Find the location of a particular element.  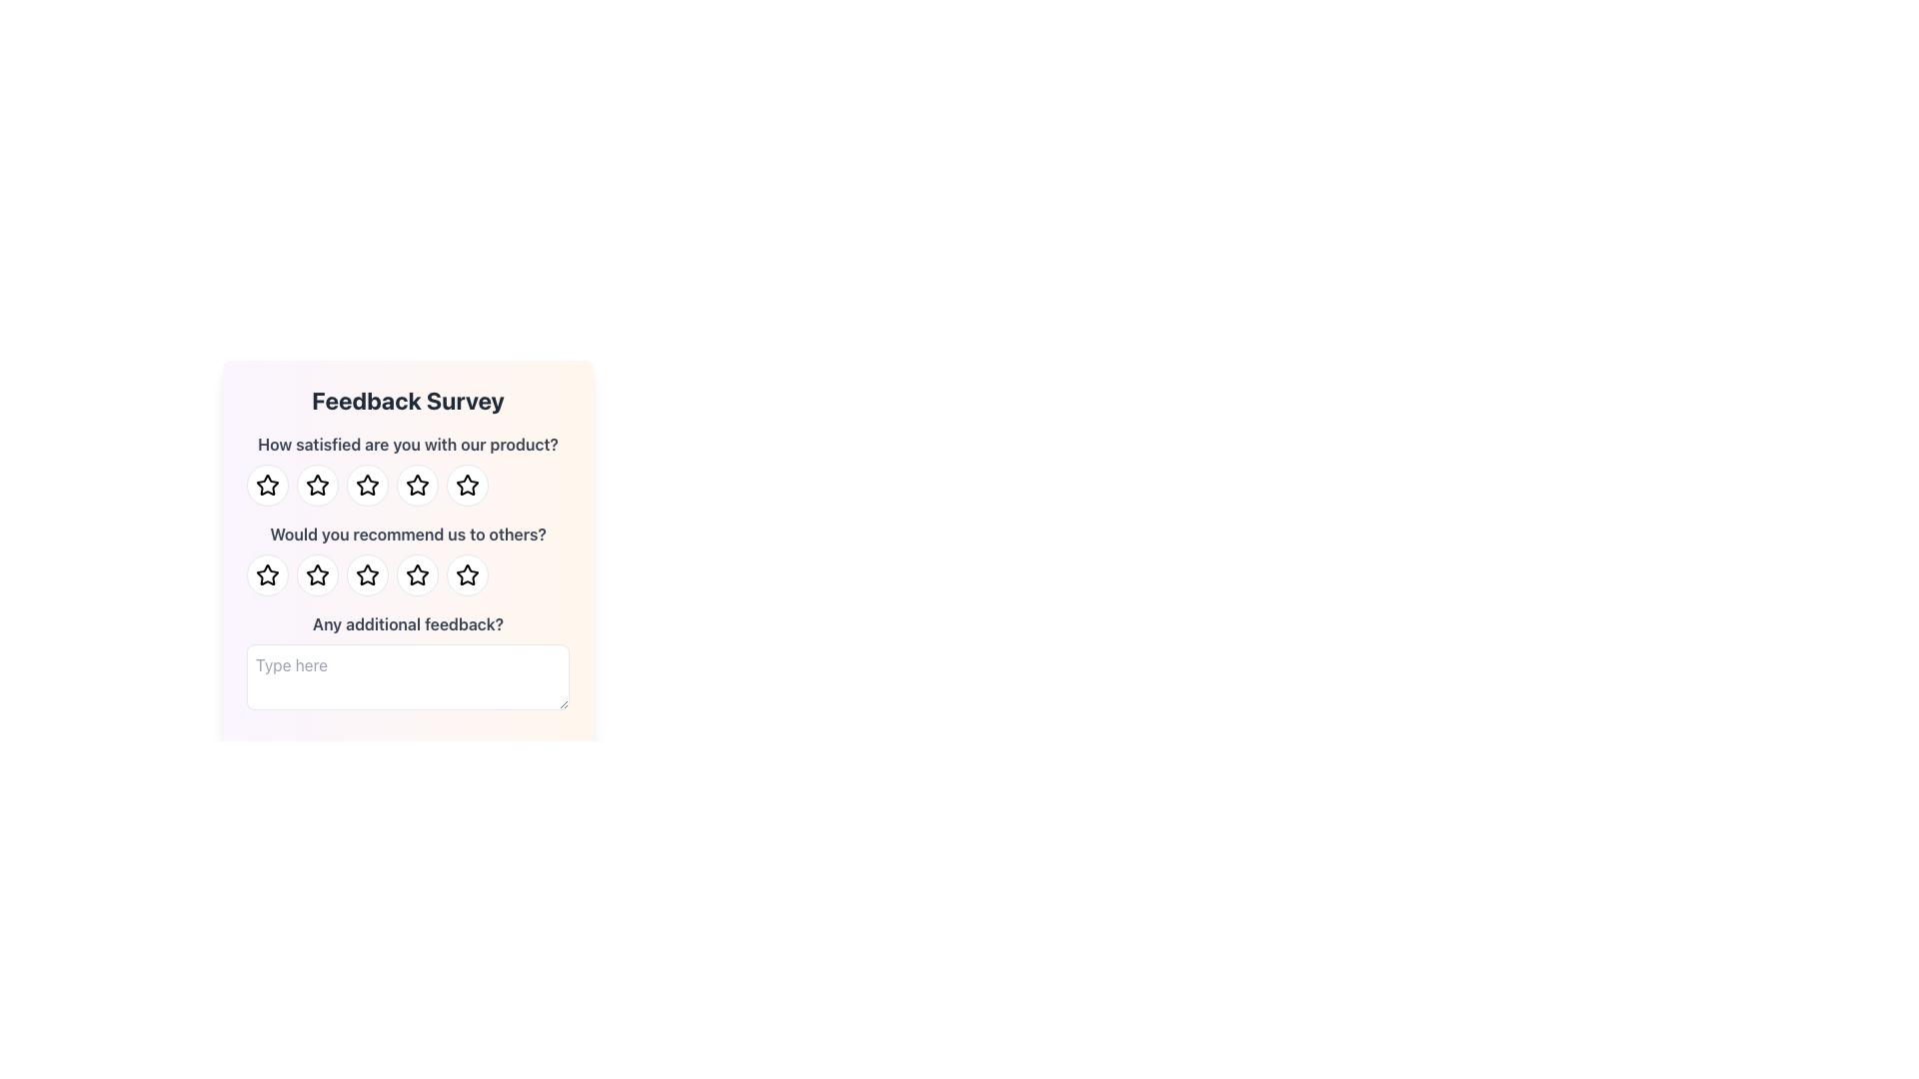

the fourth star-shaped icon in the second row of the 5-star rating system is located at coordinates (416, 574).